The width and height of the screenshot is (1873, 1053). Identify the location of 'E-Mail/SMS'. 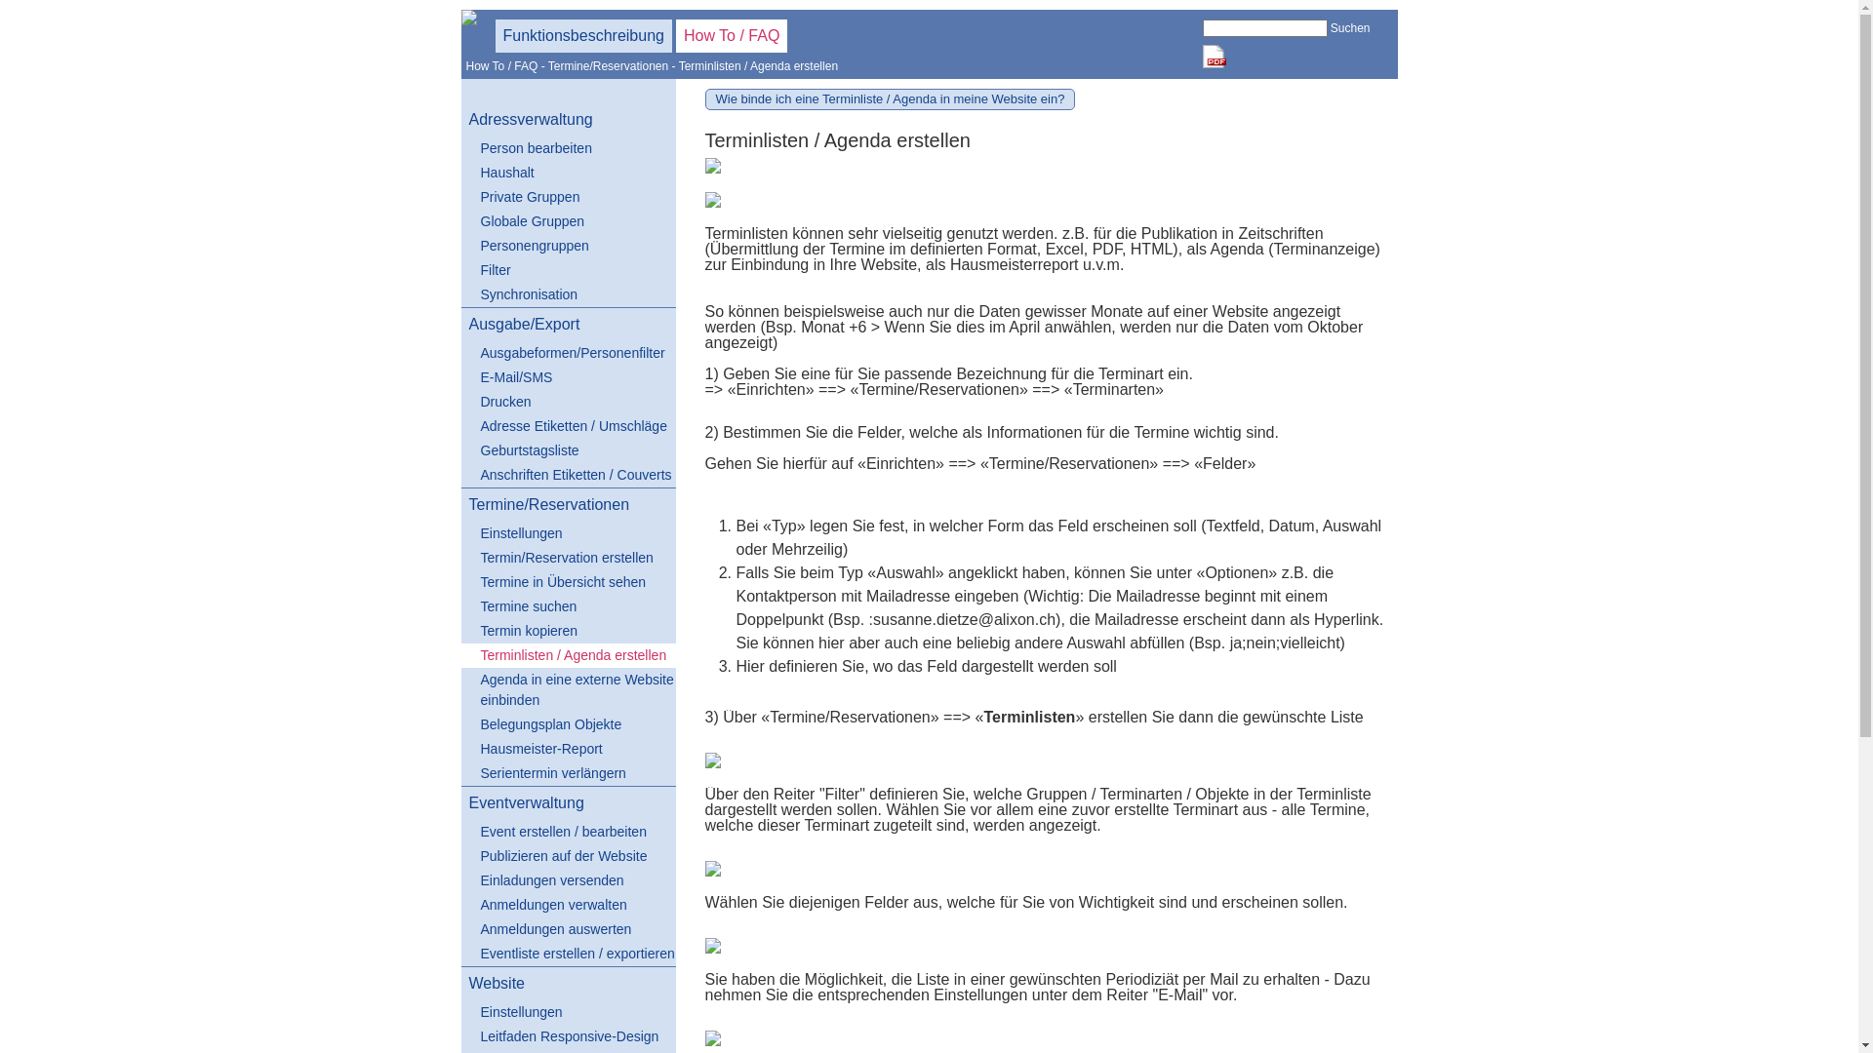
(566, 377).